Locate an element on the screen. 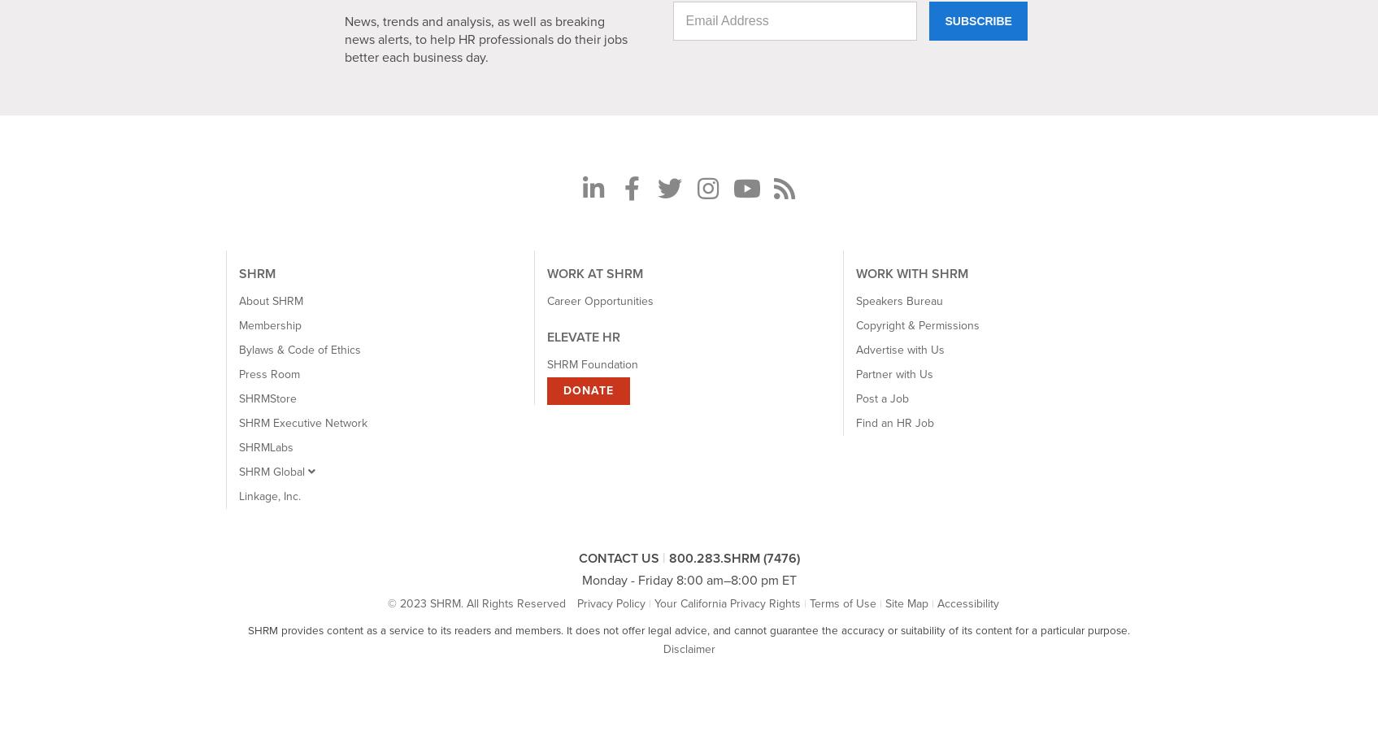 This screenshot has height=753, width=1378. 'Career Opportunities' is located at coordinates (599, 300).